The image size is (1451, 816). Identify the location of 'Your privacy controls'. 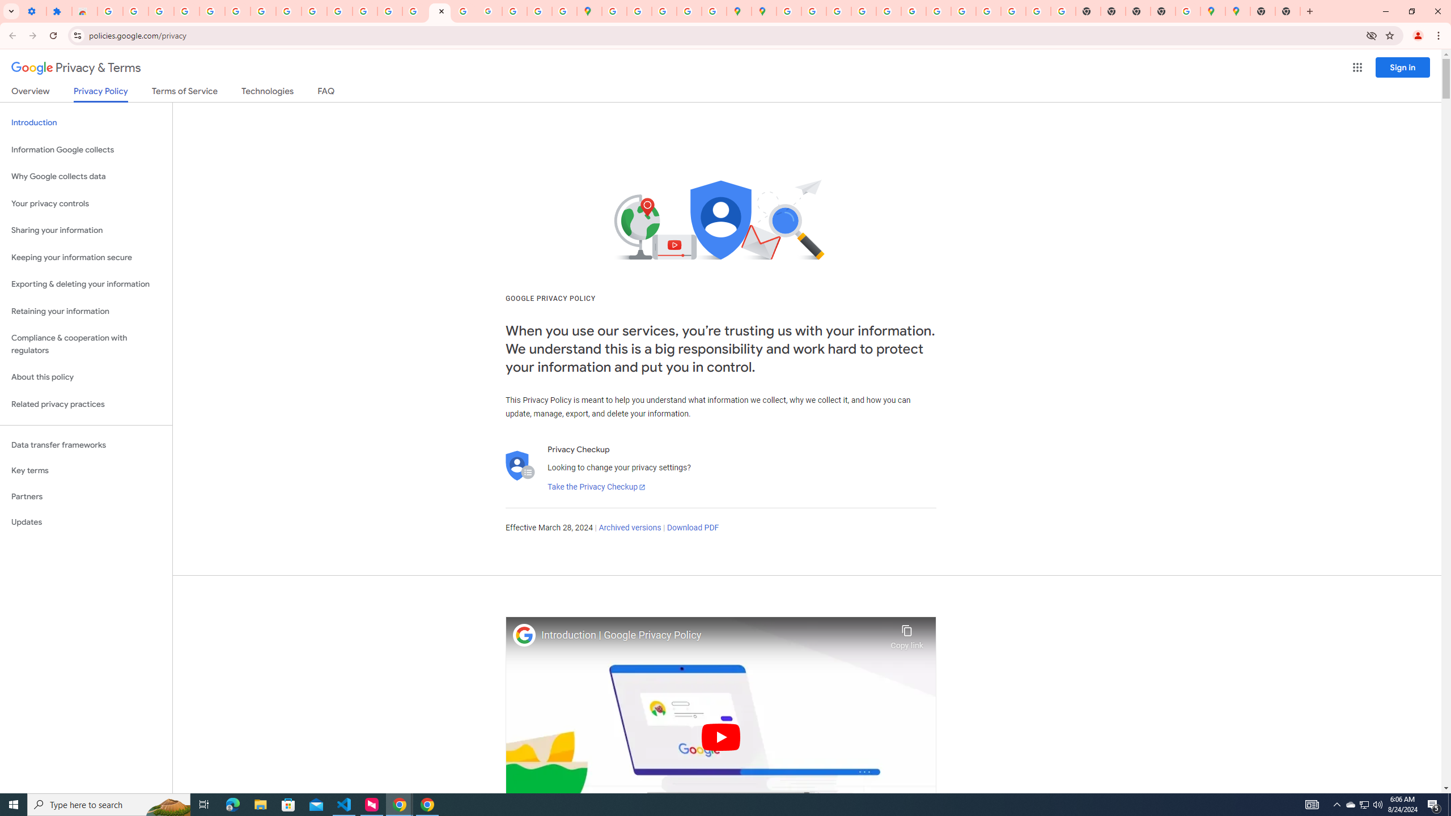
(86, 204).